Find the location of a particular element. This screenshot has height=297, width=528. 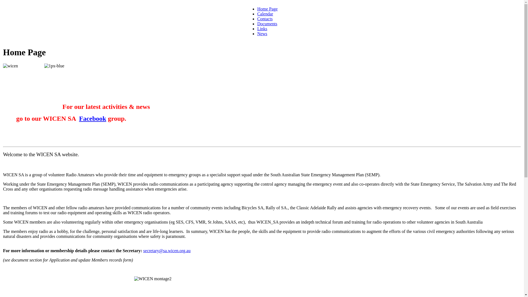

'Calendar' is located at coordinates (265, 13).